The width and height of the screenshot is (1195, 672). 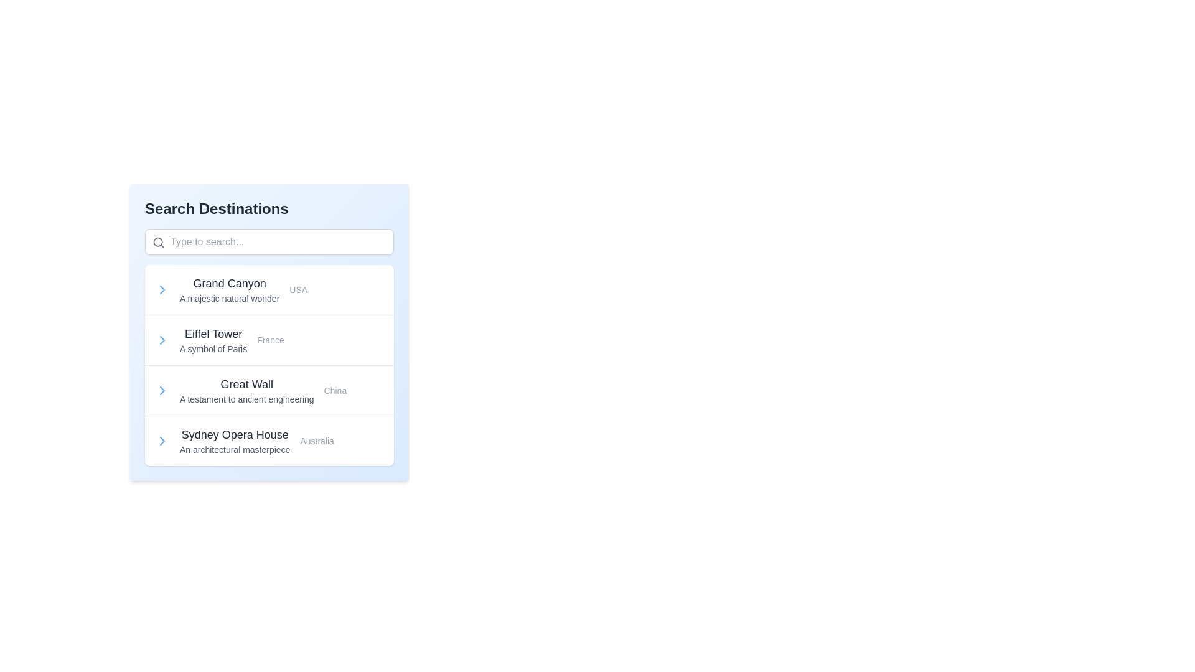 I want to click on the light gray magnifying glass icon located in the search bar labeled 'Type to search...', so click(x=157, y=242).